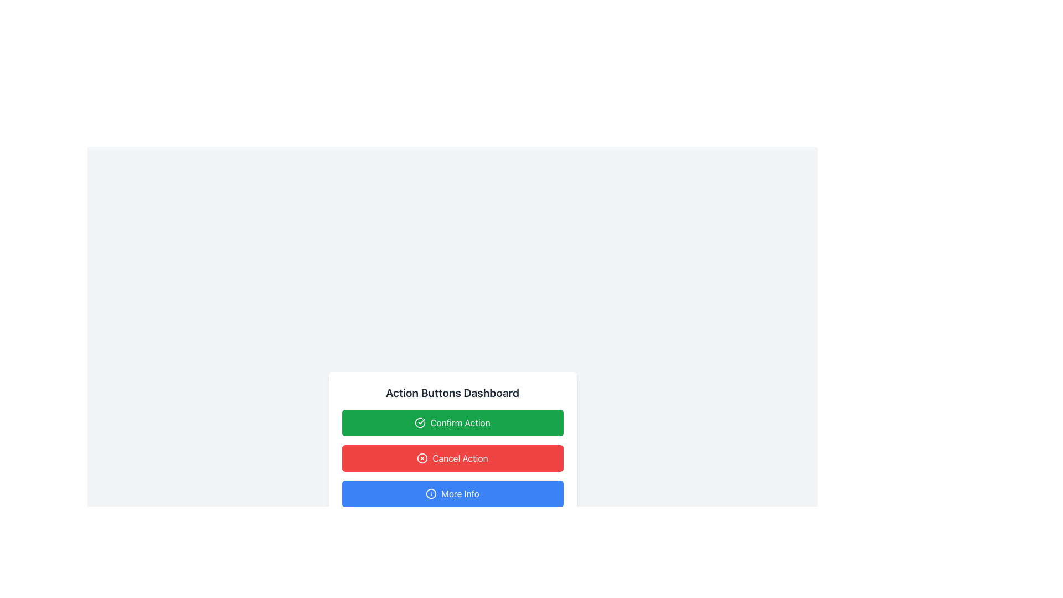  What do you see at coordinates (460, 493) in the screenshot?
I see `text 'More Info' displayed on the white font text label located centrally within a blue rectangular button at the bottom of the button group beneath 'Action Buttons Dashboard'` at bounding box center [460, 493].